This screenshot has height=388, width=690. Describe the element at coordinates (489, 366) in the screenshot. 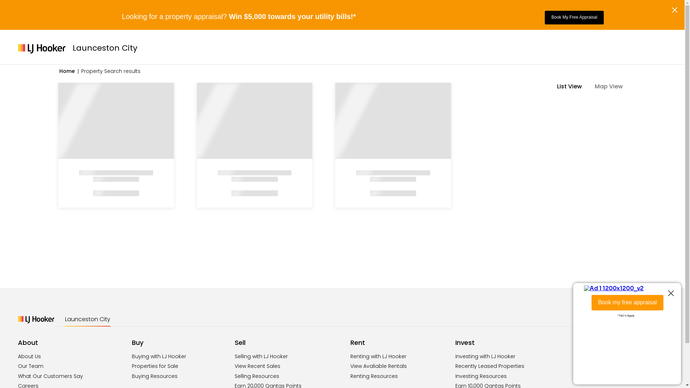

I see `'Recently Leased Properties'` at that location.